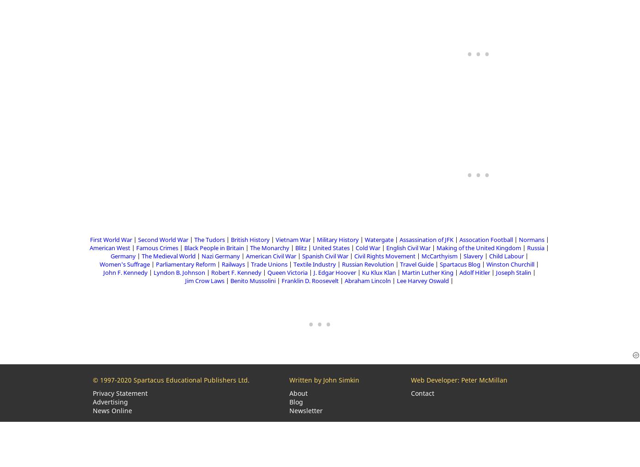 This screenshot has width=640, height=467. Describe the element at coordinates (110, 402) in the screenshot. I see `'Advertising'` at that location.